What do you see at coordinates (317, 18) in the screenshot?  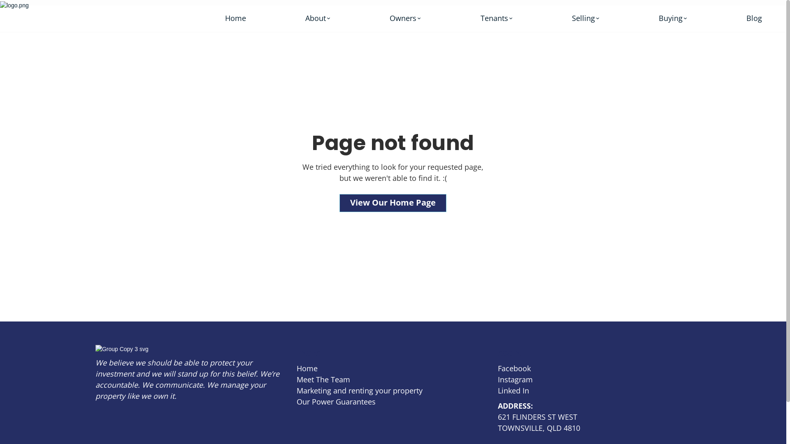 I see `'About'` at bounding box center [317, 18].